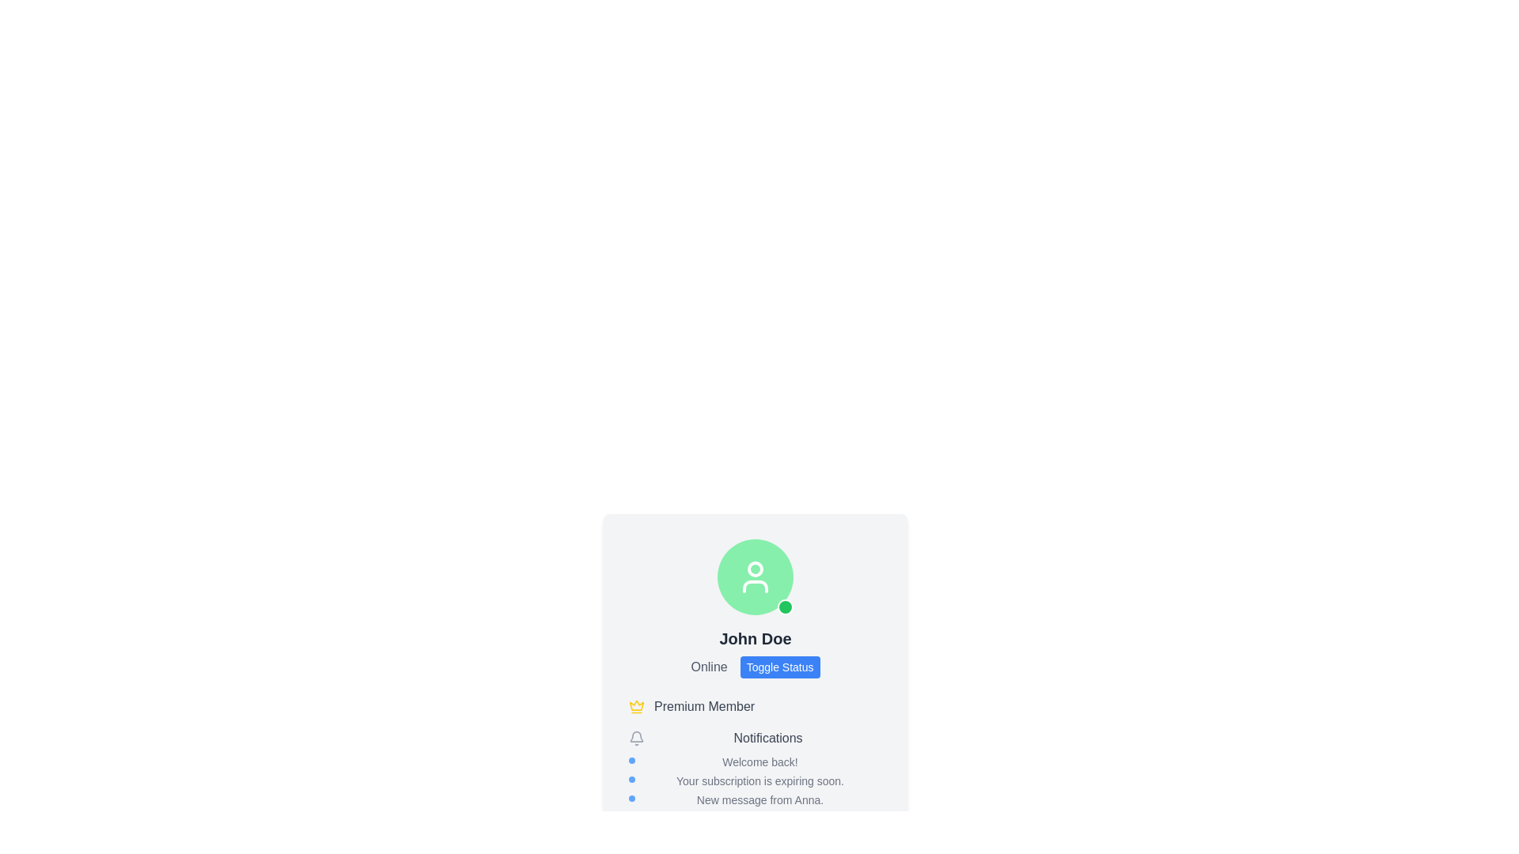 The image size is (1519, 854). Describe the element at coordinates (755, 761) in the screenshot. I see `the 'Welcome back!' label with a blue circular icon, which is the first item in the notifications list` at that location.